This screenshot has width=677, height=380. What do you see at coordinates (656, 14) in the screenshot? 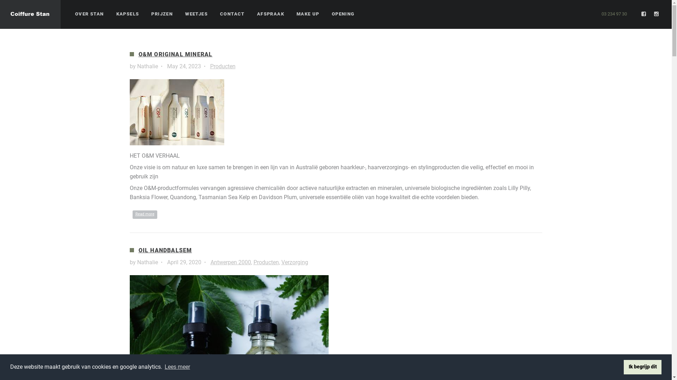
I see `'Instagram'` at bounding box center [656, 14].